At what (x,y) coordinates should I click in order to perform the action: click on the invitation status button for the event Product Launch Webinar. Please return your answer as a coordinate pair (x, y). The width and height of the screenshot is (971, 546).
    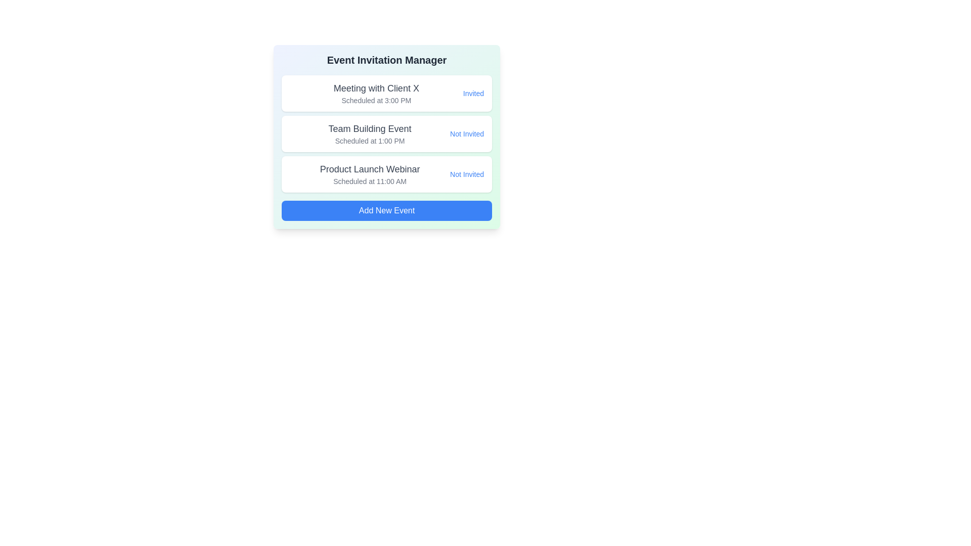
    Looking at the image, I should click on (466, 173).